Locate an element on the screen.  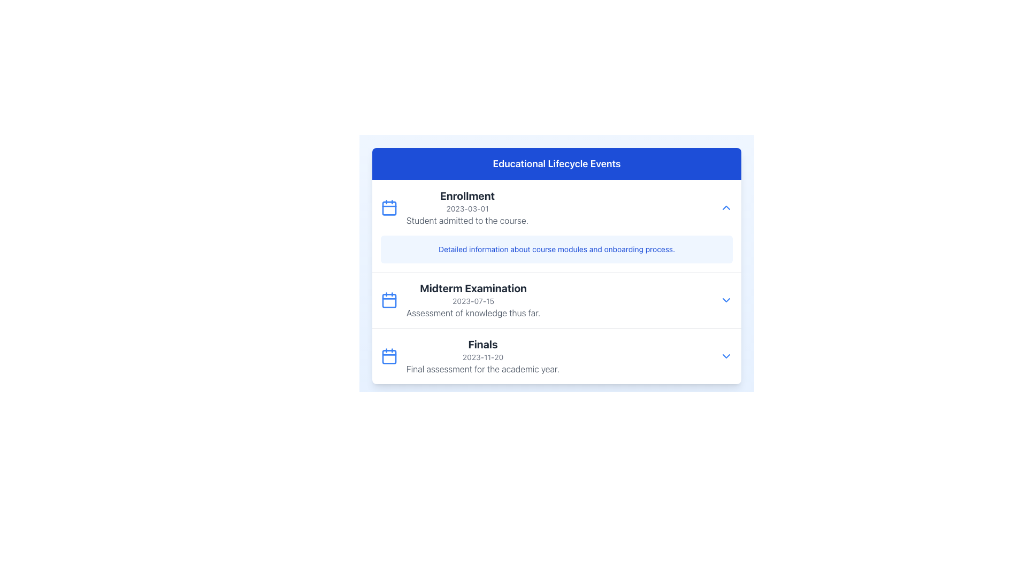
the Informational Text Block located below the 'Enrollment' title within the 'Educational Lifecycle Events' section is located at coordinates (556, 249).